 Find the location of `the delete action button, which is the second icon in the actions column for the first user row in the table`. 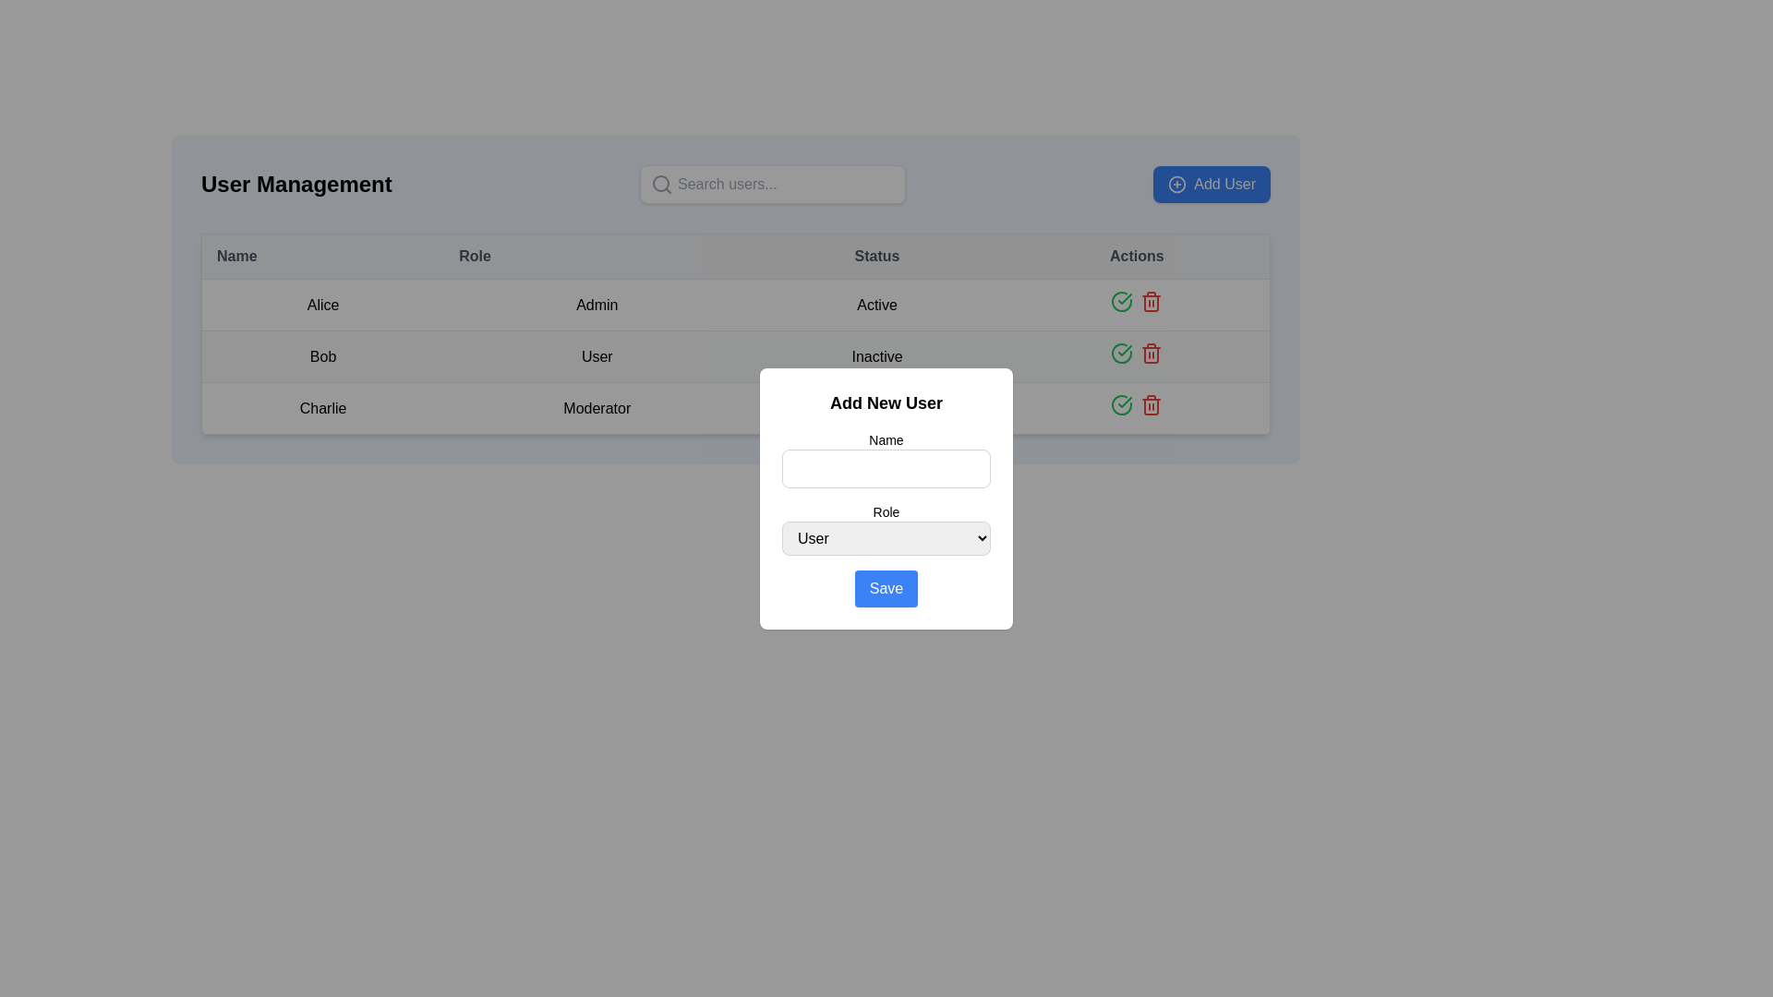

the delete action button, which is the second icon in the actions column for the first user row in the table is located at coordinates (1151, 301).